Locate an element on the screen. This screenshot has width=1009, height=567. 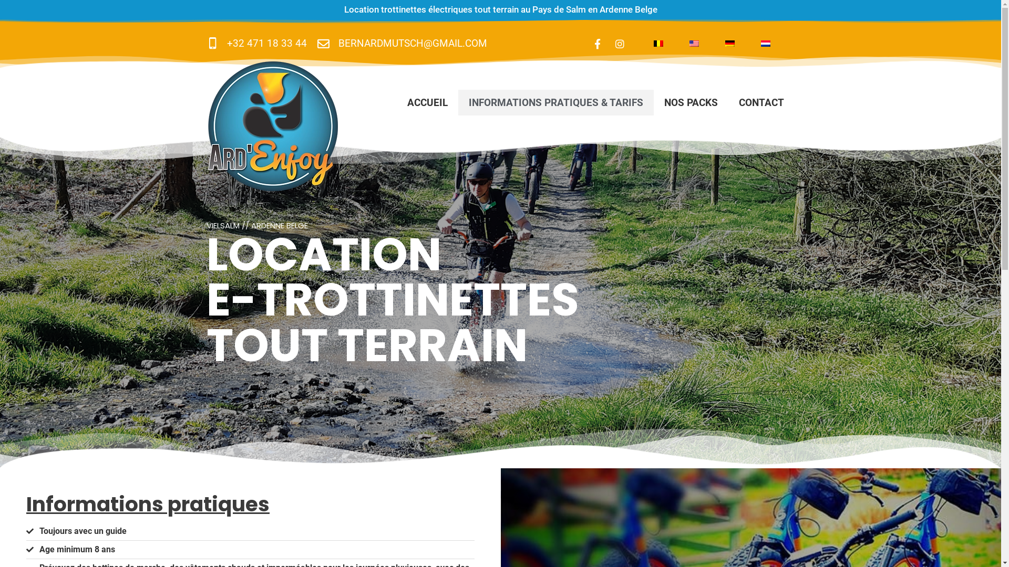
'ACCUEIL' is located at coordinates (427, 102).